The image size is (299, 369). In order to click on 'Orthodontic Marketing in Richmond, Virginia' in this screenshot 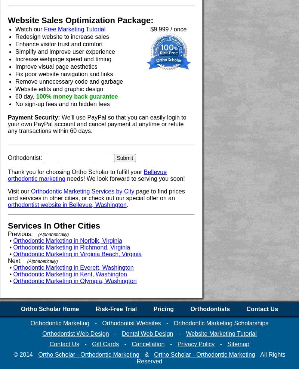, I will do `click(71, 247)`.